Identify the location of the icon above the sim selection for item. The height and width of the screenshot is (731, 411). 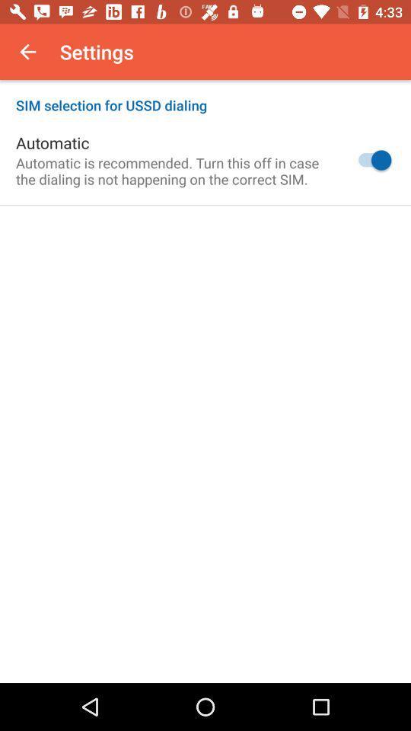
(27, 52).